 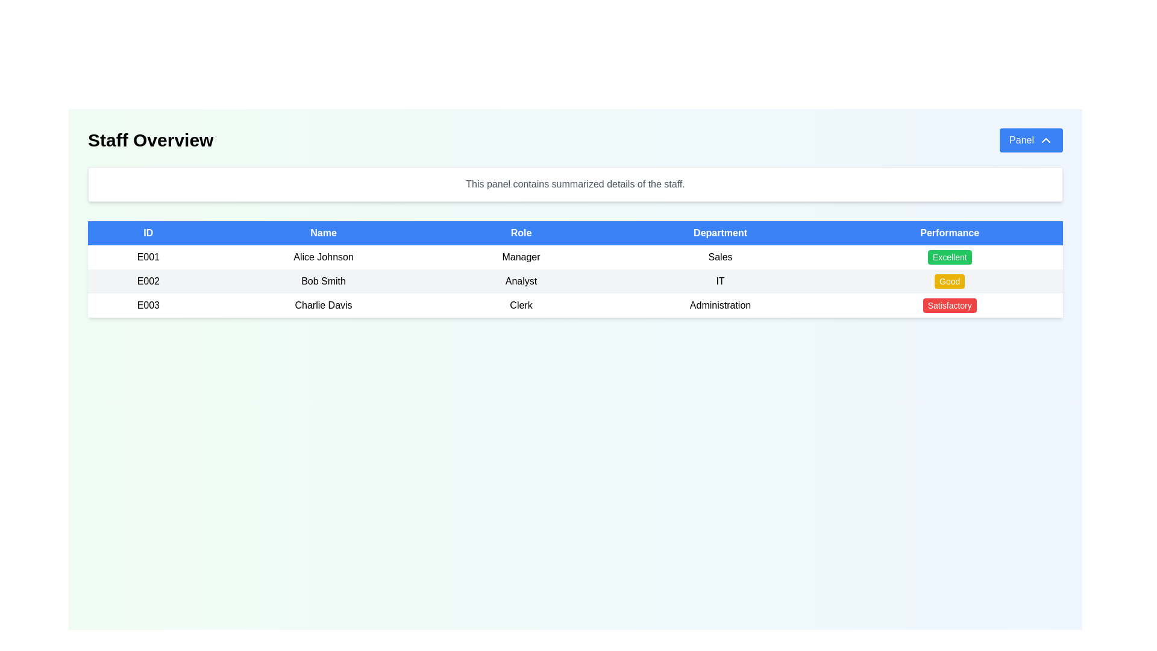 What do you see at coordinates (521, 257) in the screenshot?
I see `the static text field displaying the role 'Manager' for the employee 'Alice Johnson' located in the third column under the 'Role' header` at bounding box center [521, 257].